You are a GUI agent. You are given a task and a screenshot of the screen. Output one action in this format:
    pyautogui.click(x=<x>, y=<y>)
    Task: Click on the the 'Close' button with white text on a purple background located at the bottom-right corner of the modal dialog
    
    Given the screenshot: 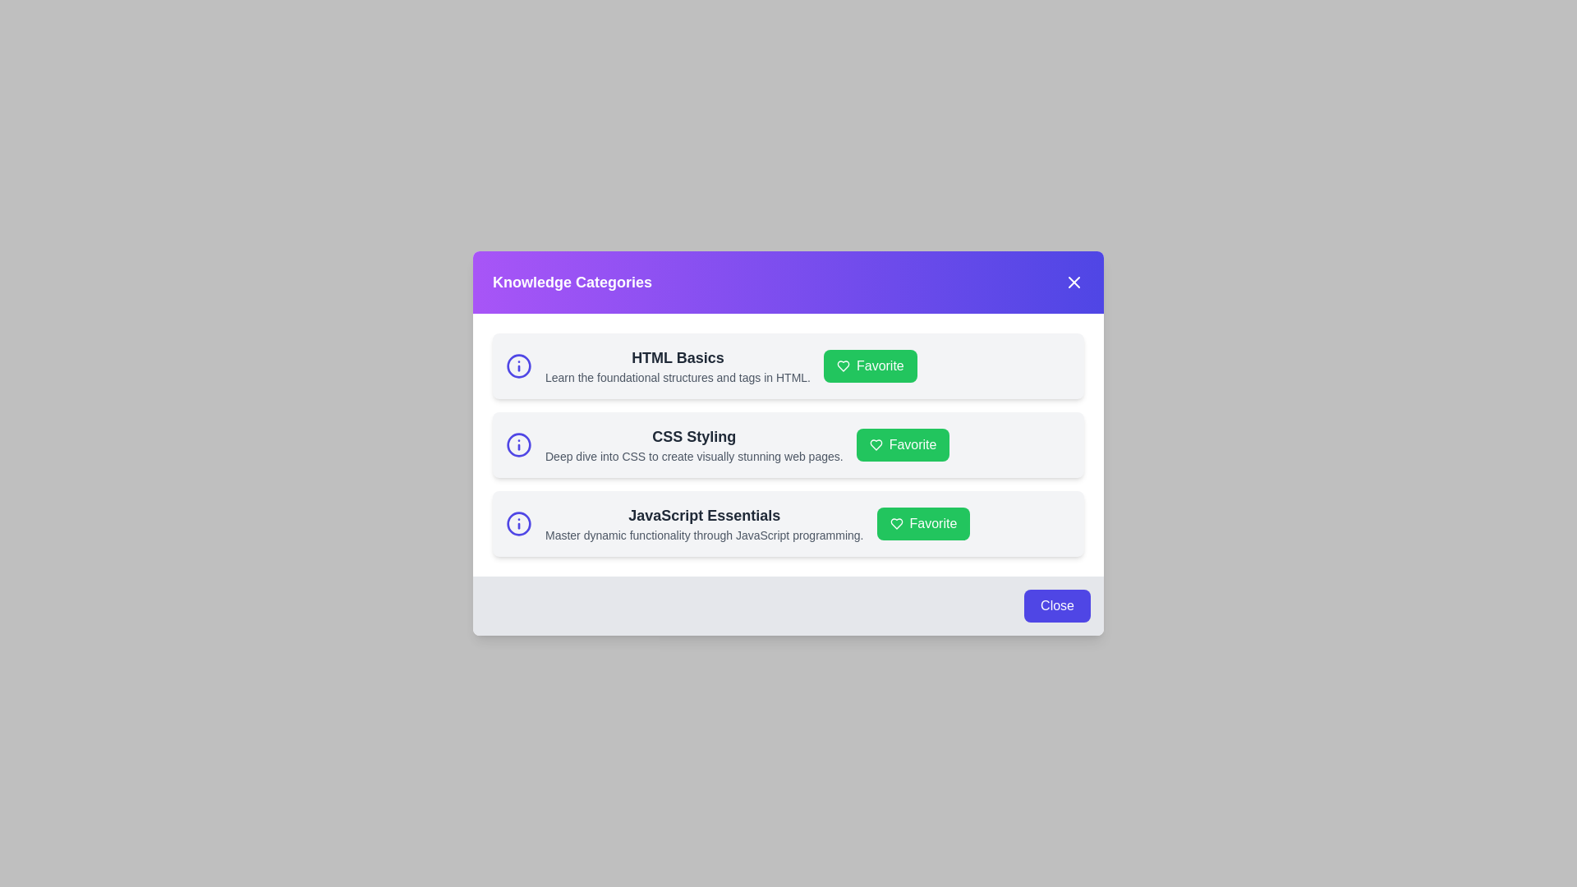 What is the action you would take?
    pyautogui.click(x=1057, y=605)
    